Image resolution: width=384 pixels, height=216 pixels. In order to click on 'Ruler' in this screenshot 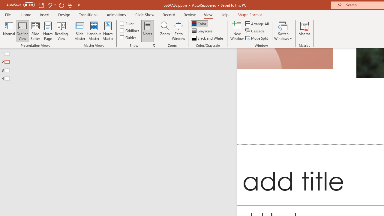, I will do `click(127, 23)`.